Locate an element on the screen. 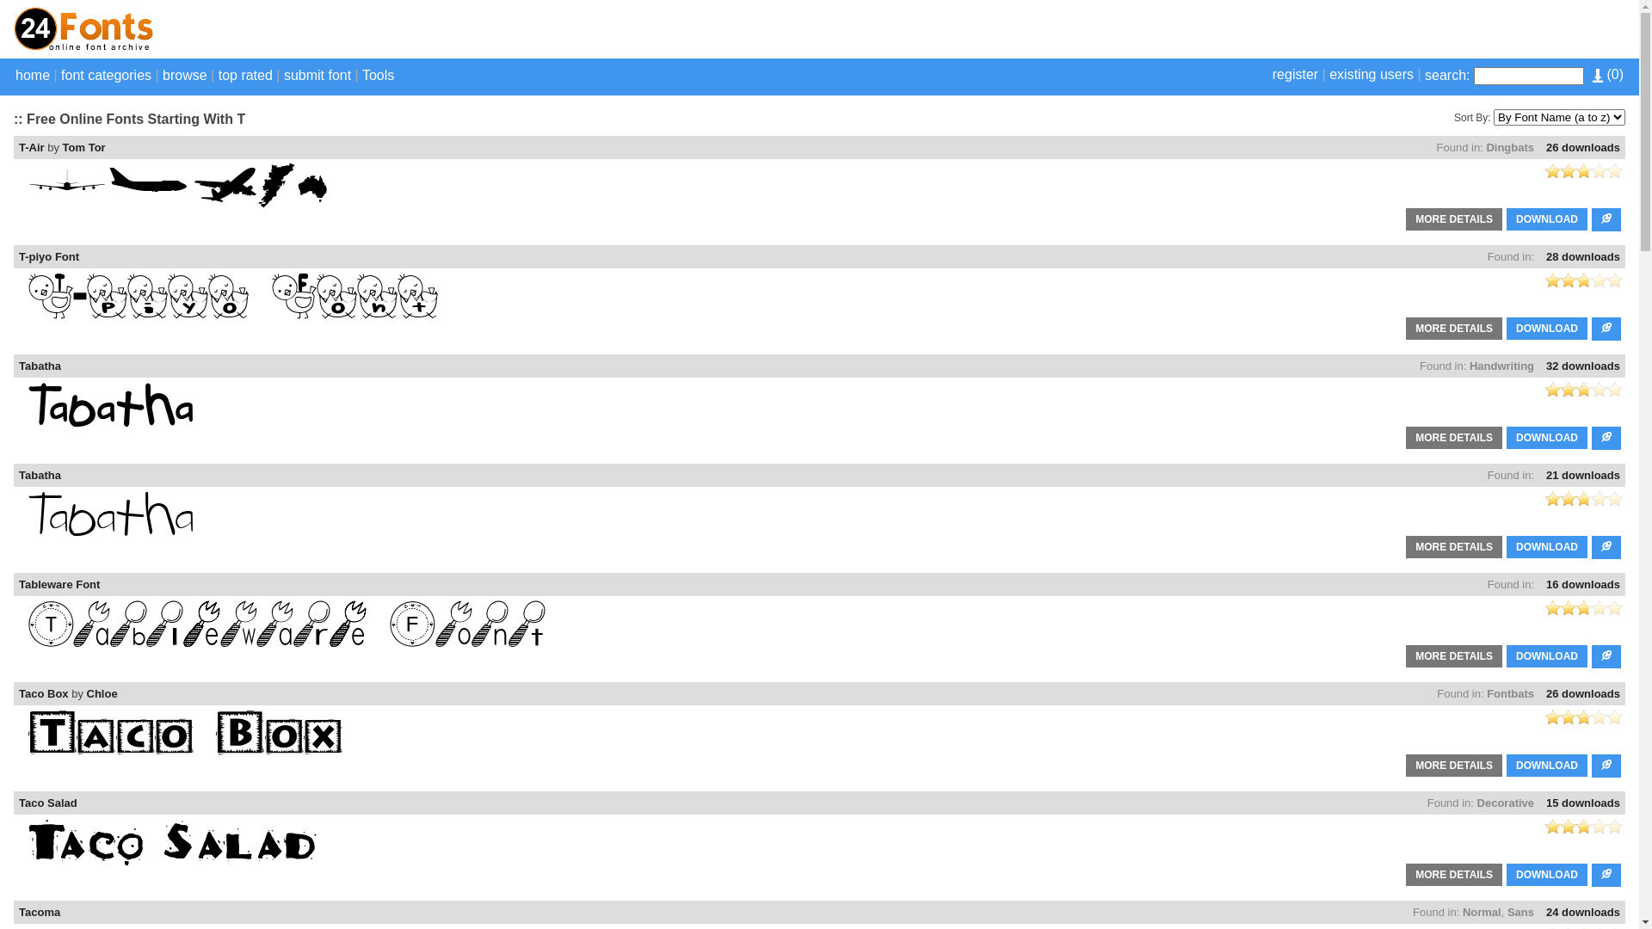 The width and height of the screenshot is (1652, 929). 'Handwriting' is located at coordinates (1501, 365).